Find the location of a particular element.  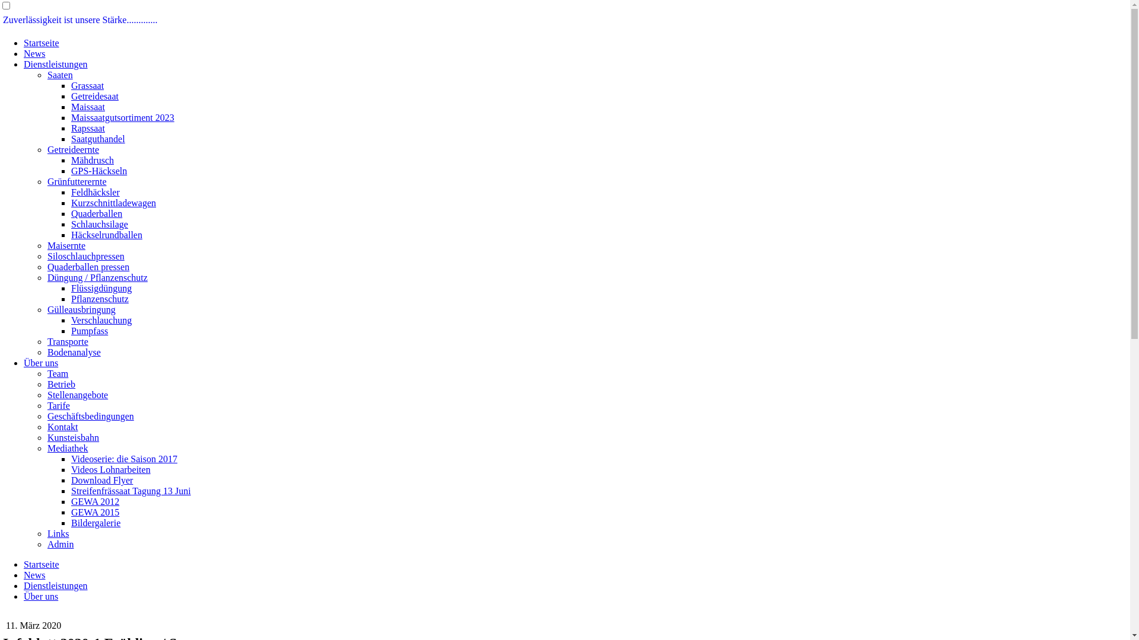

'Videos Lohnarbeiten' is located at coordinates (111, 469).